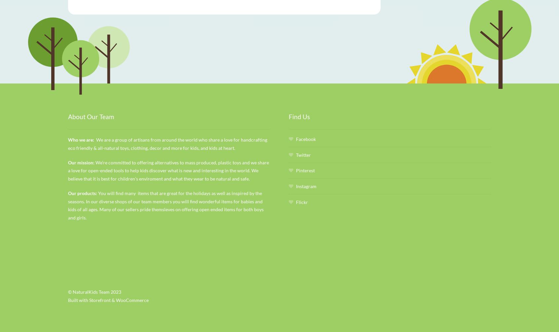 Image resolution: width=559 pixels, height=332 pixels. What do you see at coordinates (83, 193) in the screenshot?
I see `'Our products:'` at bounding box center [83, 193].